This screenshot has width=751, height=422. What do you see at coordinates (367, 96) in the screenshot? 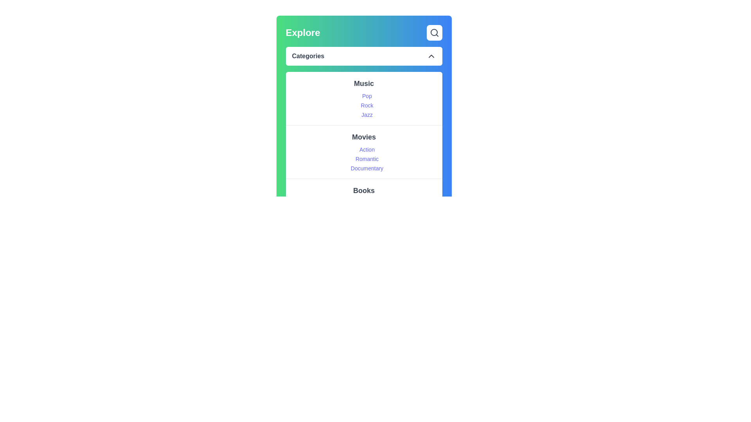
I see `the first clickable text link 'Pop' in the 'Music' category` at bounding box center [367, 96].